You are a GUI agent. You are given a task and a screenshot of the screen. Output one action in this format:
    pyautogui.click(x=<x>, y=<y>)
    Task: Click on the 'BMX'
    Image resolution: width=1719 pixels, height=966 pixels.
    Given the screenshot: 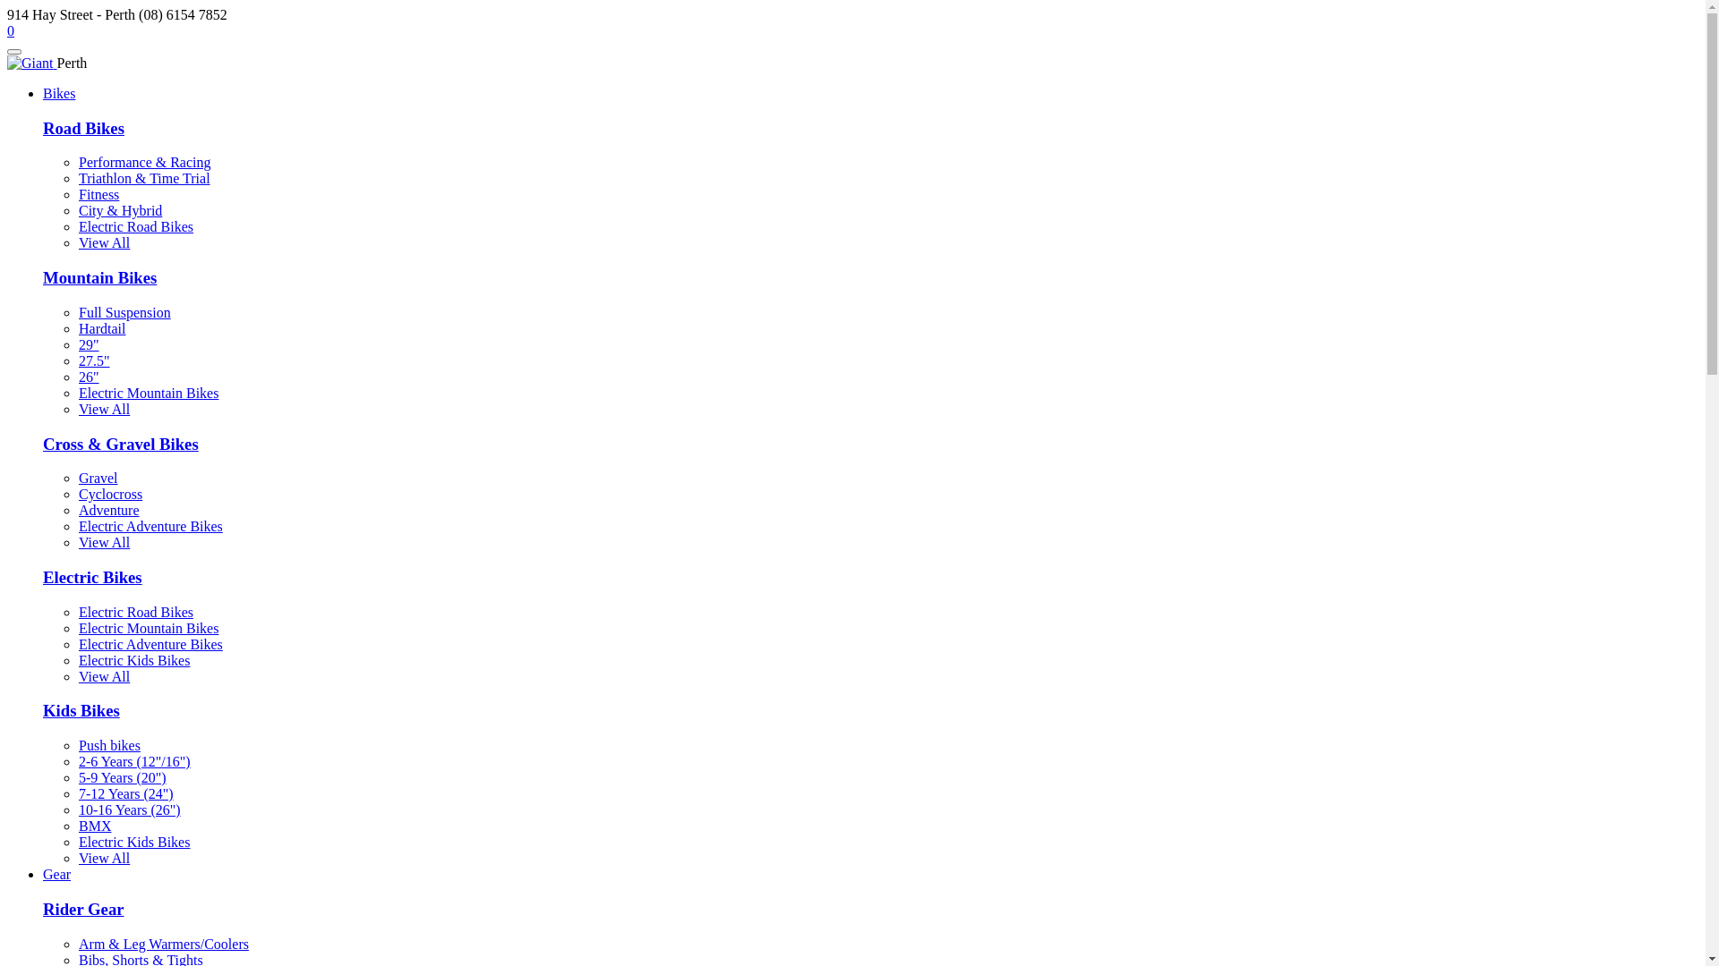 What is the action you would take?
    pyautogui.click(x=93, y=826)
    